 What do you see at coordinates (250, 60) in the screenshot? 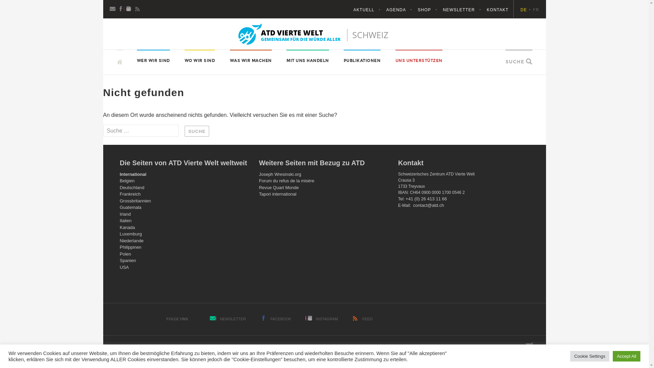
I see `'WAS WIR MACHEN'` at bounding box center [250, 60].